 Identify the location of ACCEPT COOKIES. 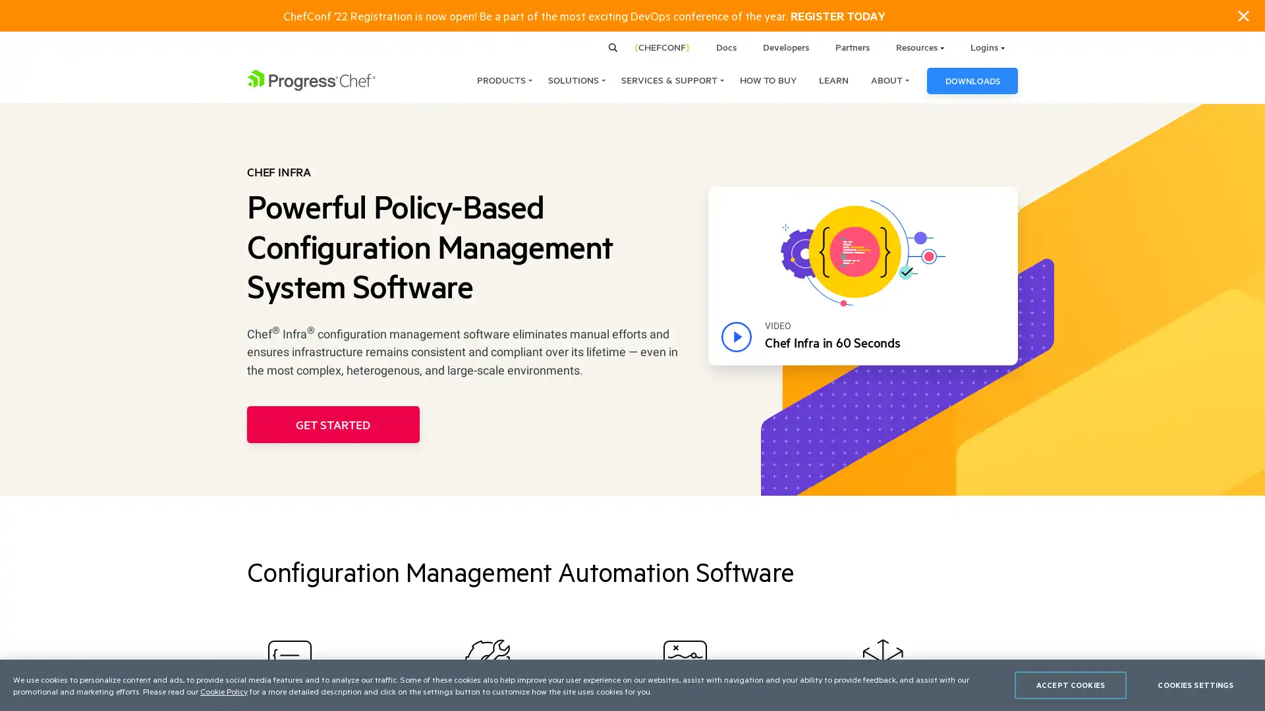
(1071, 685).